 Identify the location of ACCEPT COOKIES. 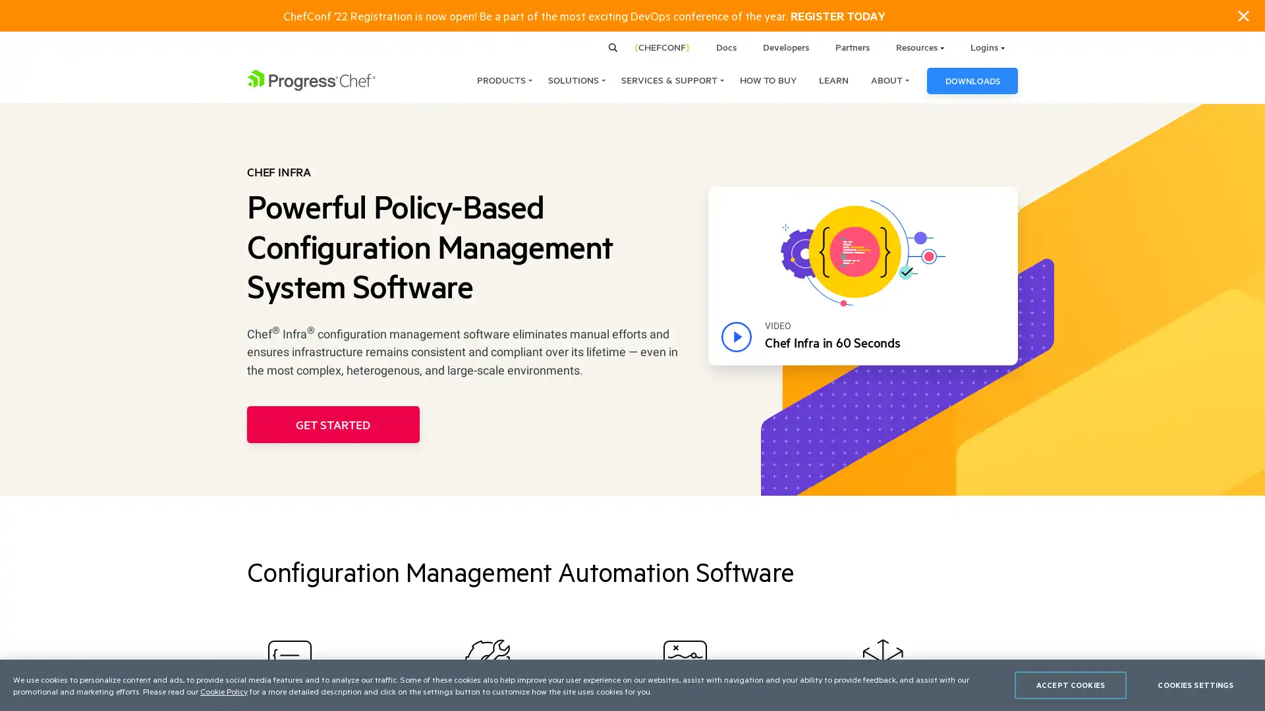
(1071, 685).